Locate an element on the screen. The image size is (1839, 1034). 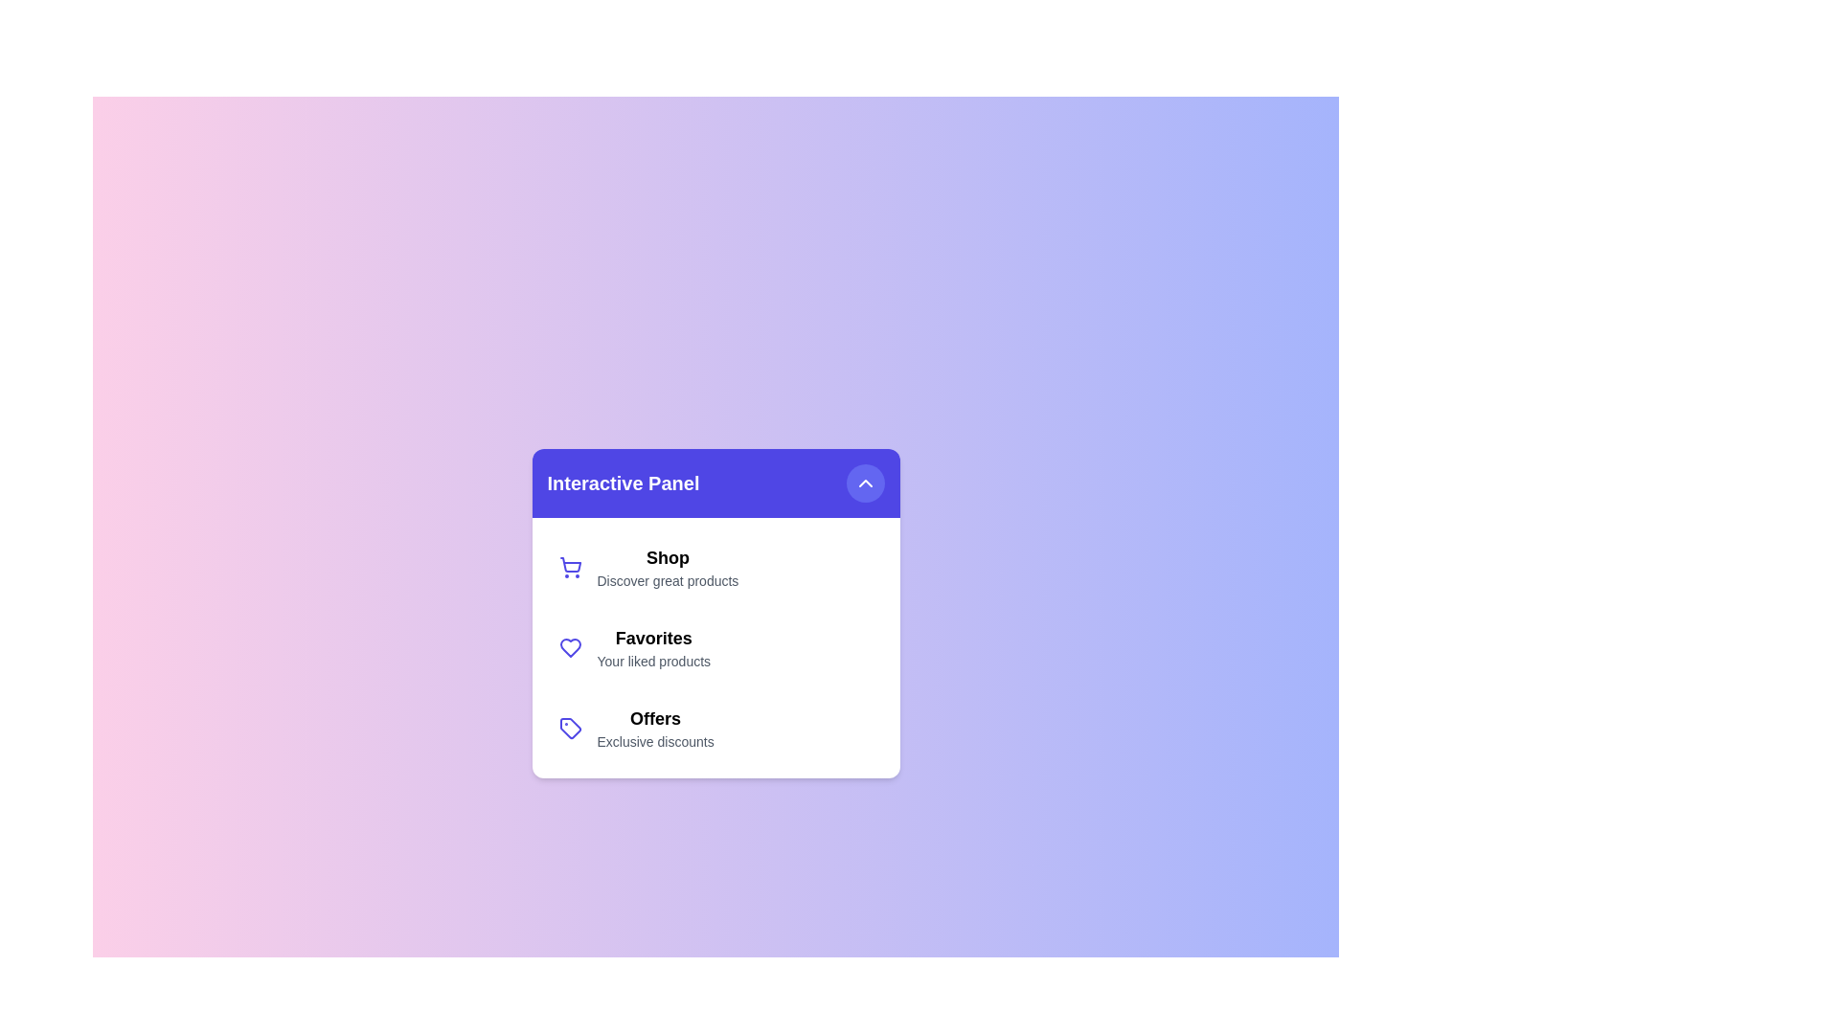
the menu item Shop is located at coordinates (715, 567).